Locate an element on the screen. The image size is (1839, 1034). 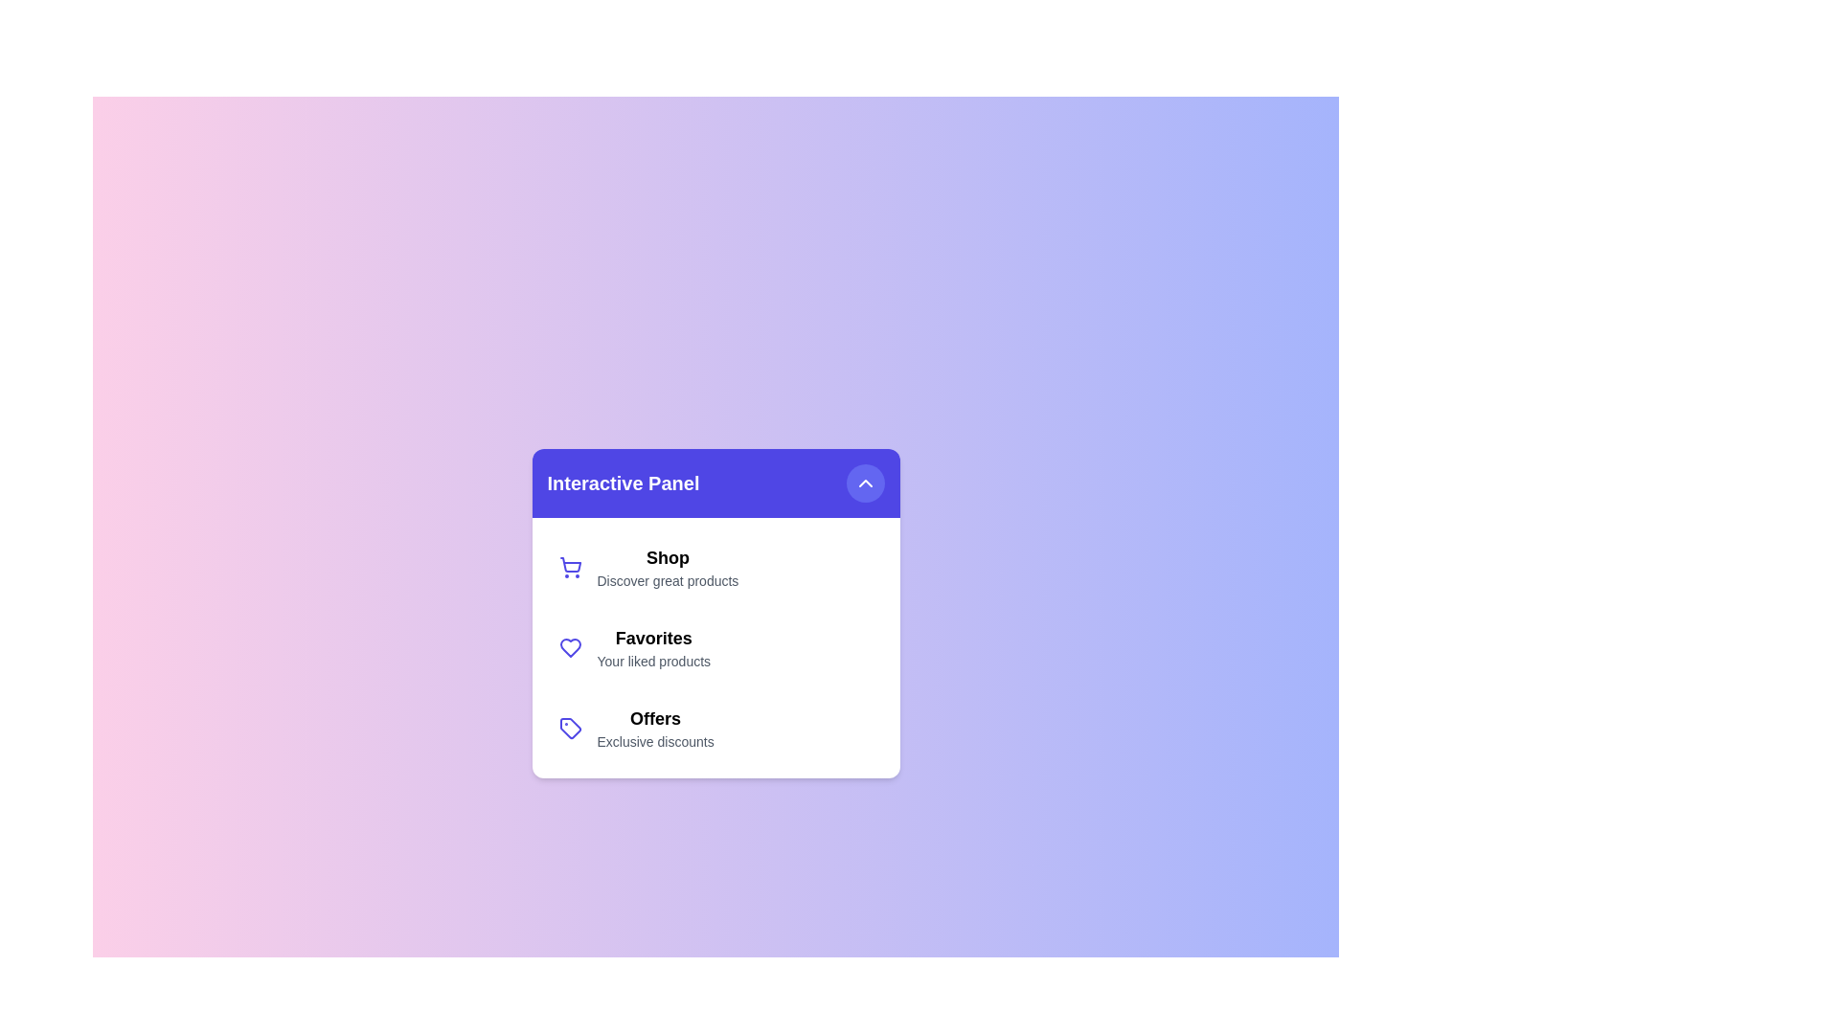
the menu item Shop is located at coordinates (715, 567).